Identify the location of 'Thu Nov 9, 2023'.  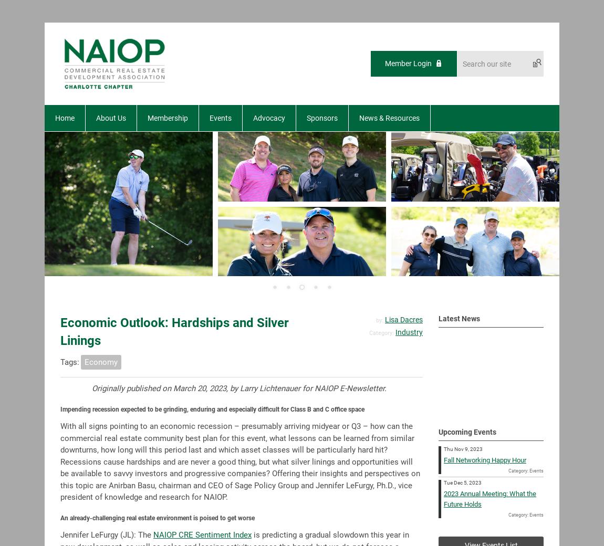
(463, 448).